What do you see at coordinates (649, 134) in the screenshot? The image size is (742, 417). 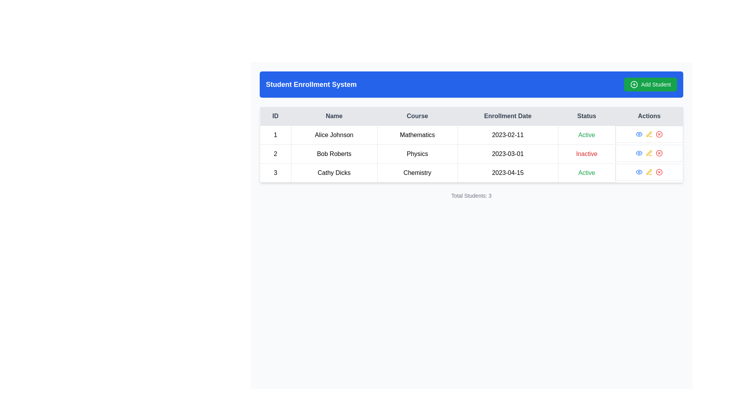 I see `the interactive icons in the actions column for 'Alice Johnson'` at bounding box center [649, 134].